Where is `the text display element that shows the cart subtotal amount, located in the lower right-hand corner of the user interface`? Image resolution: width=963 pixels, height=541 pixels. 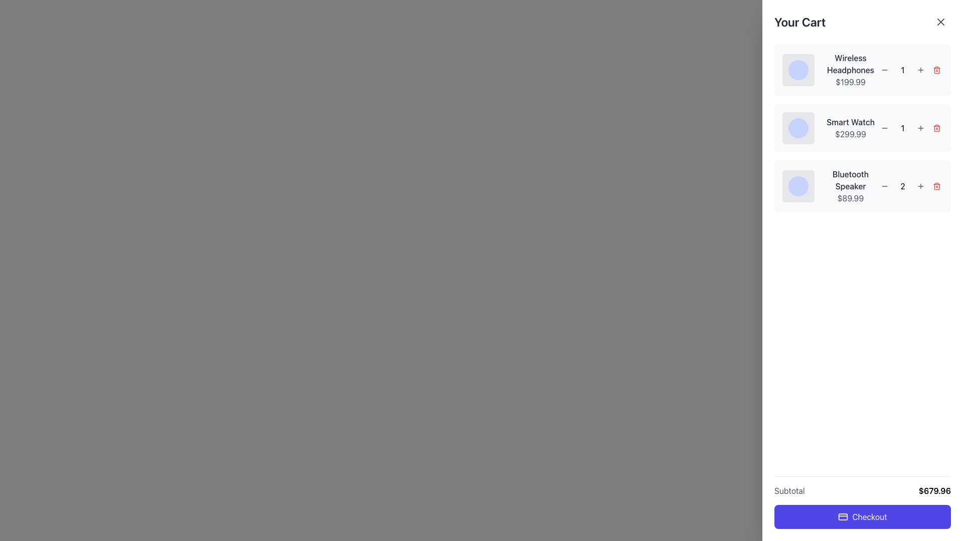 the text display element that shows the cart subtotal amount, located in the lower right-hand corner of the user interface is located at coordinates (934, 490).